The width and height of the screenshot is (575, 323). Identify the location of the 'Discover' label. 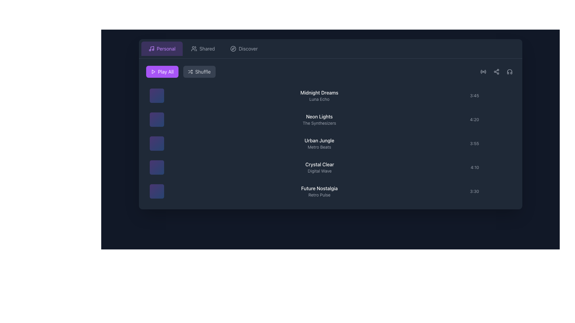
(248, 48).